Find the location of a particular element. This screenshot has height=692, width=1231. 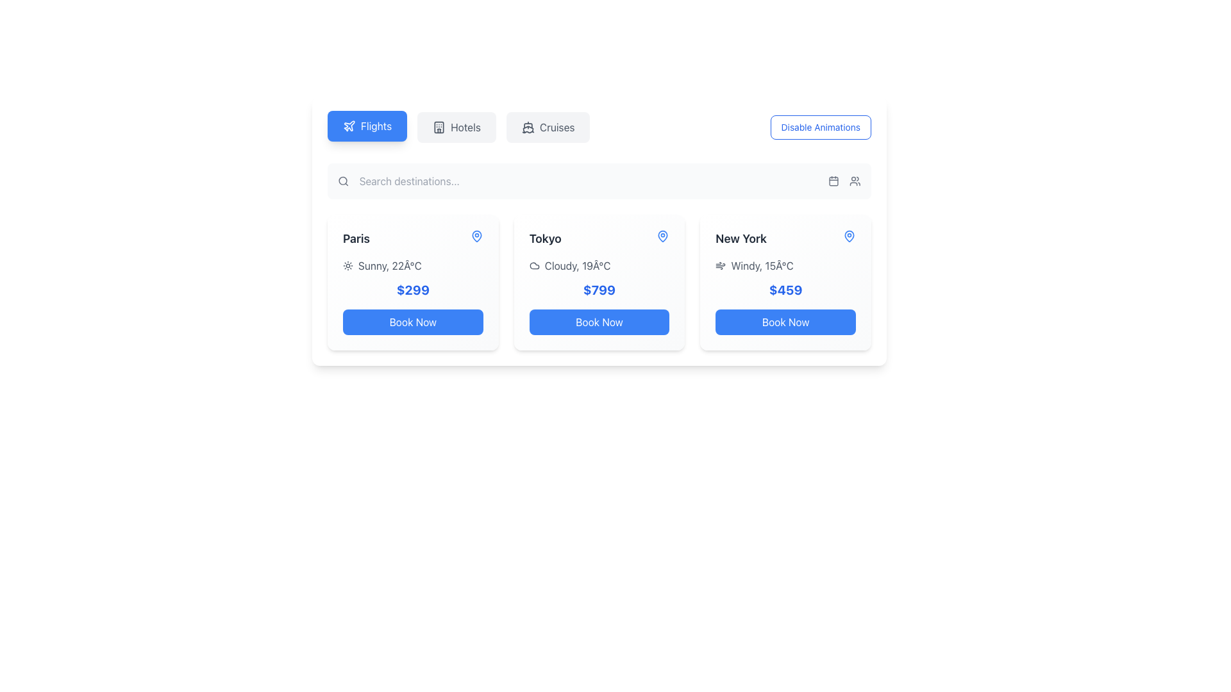

the windy conditions icon located in the New York card, to the left of the text 'Windy, 15°C' is located at coordinates (721, 265).